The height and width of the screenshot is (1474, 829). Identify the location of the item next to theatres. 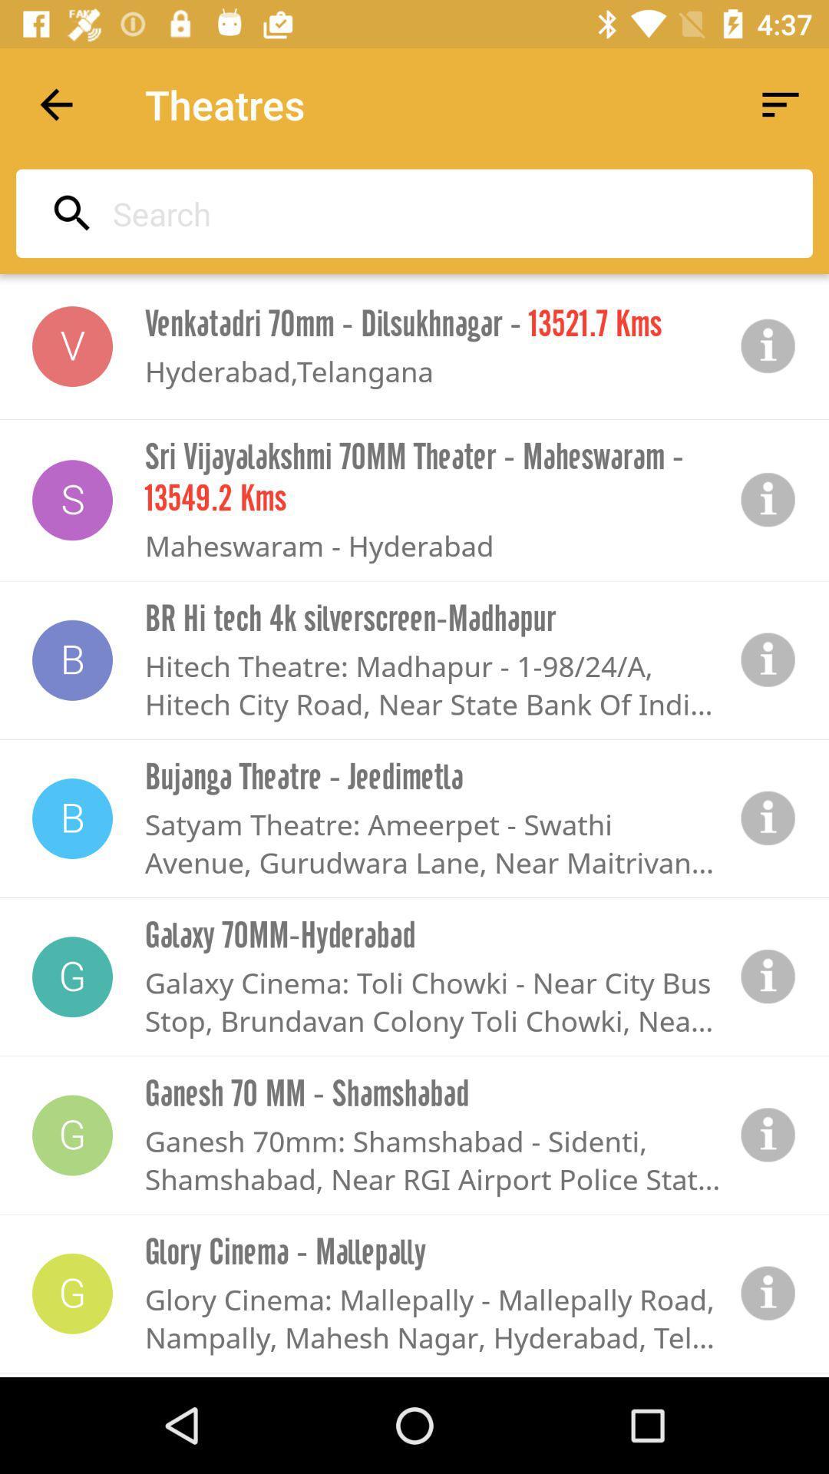
(55, 104).